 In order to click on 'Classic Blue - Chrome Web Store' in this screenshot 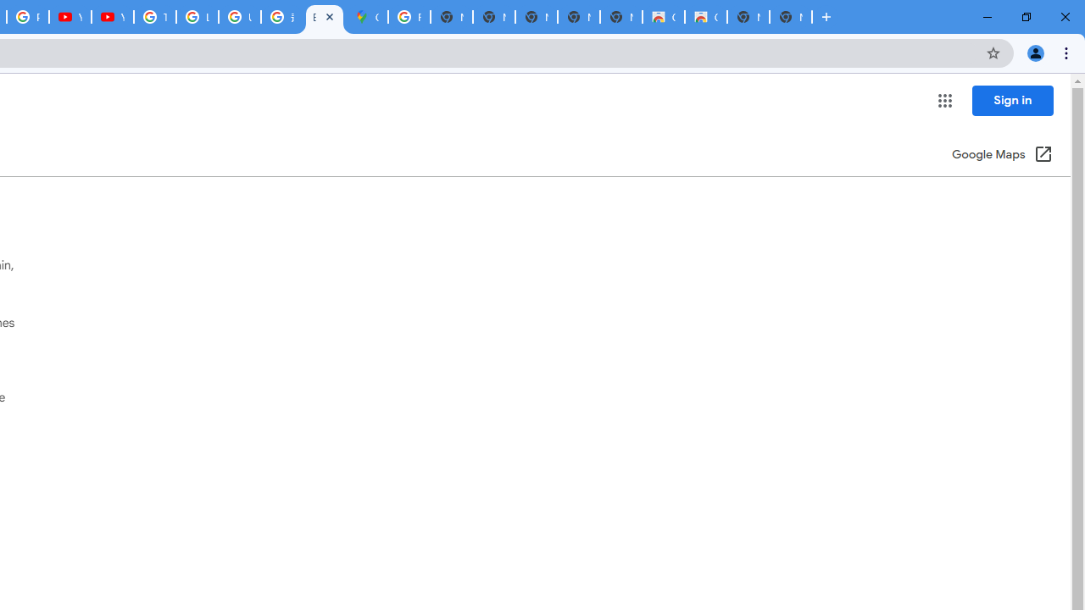, I will do `click(662, 17)`.